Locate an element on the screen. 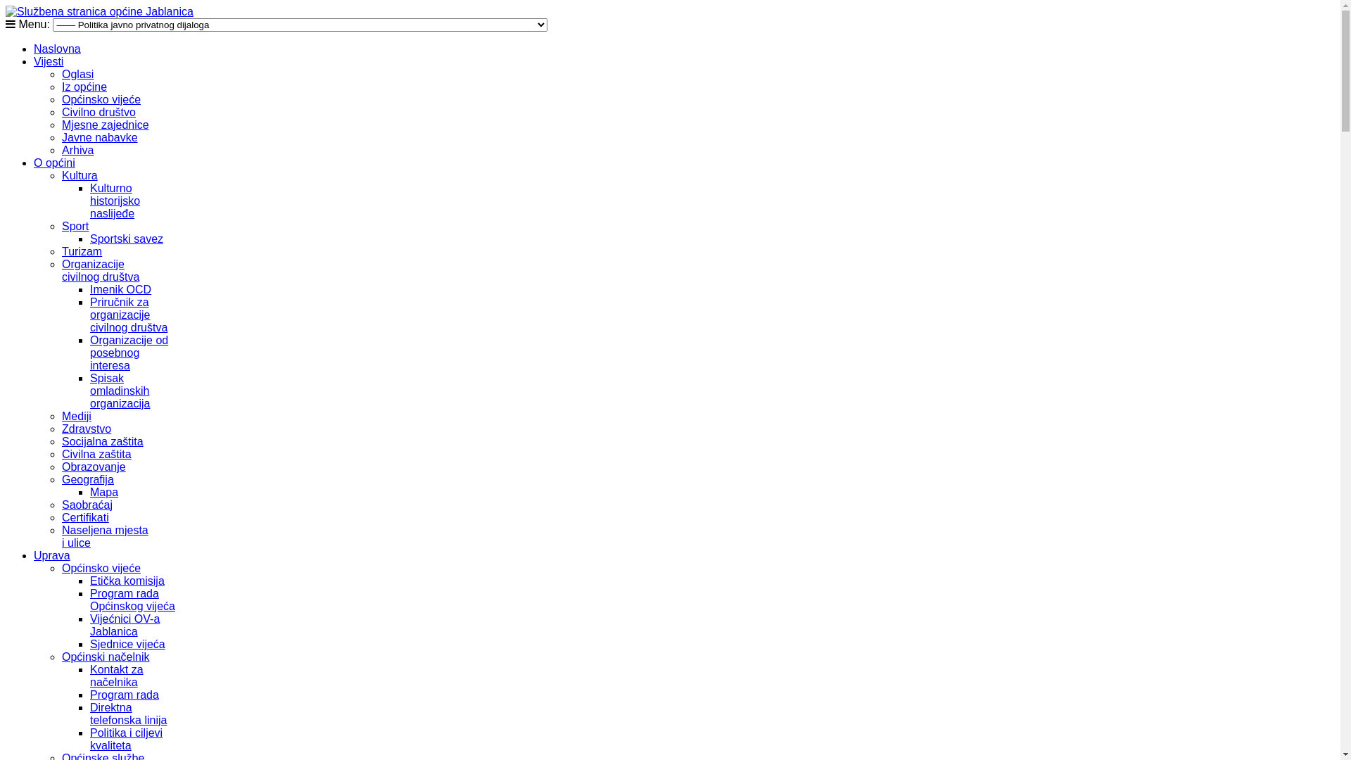 The image size is (1351, 760). 'Vijesti' is located at coordinates (34, 61).